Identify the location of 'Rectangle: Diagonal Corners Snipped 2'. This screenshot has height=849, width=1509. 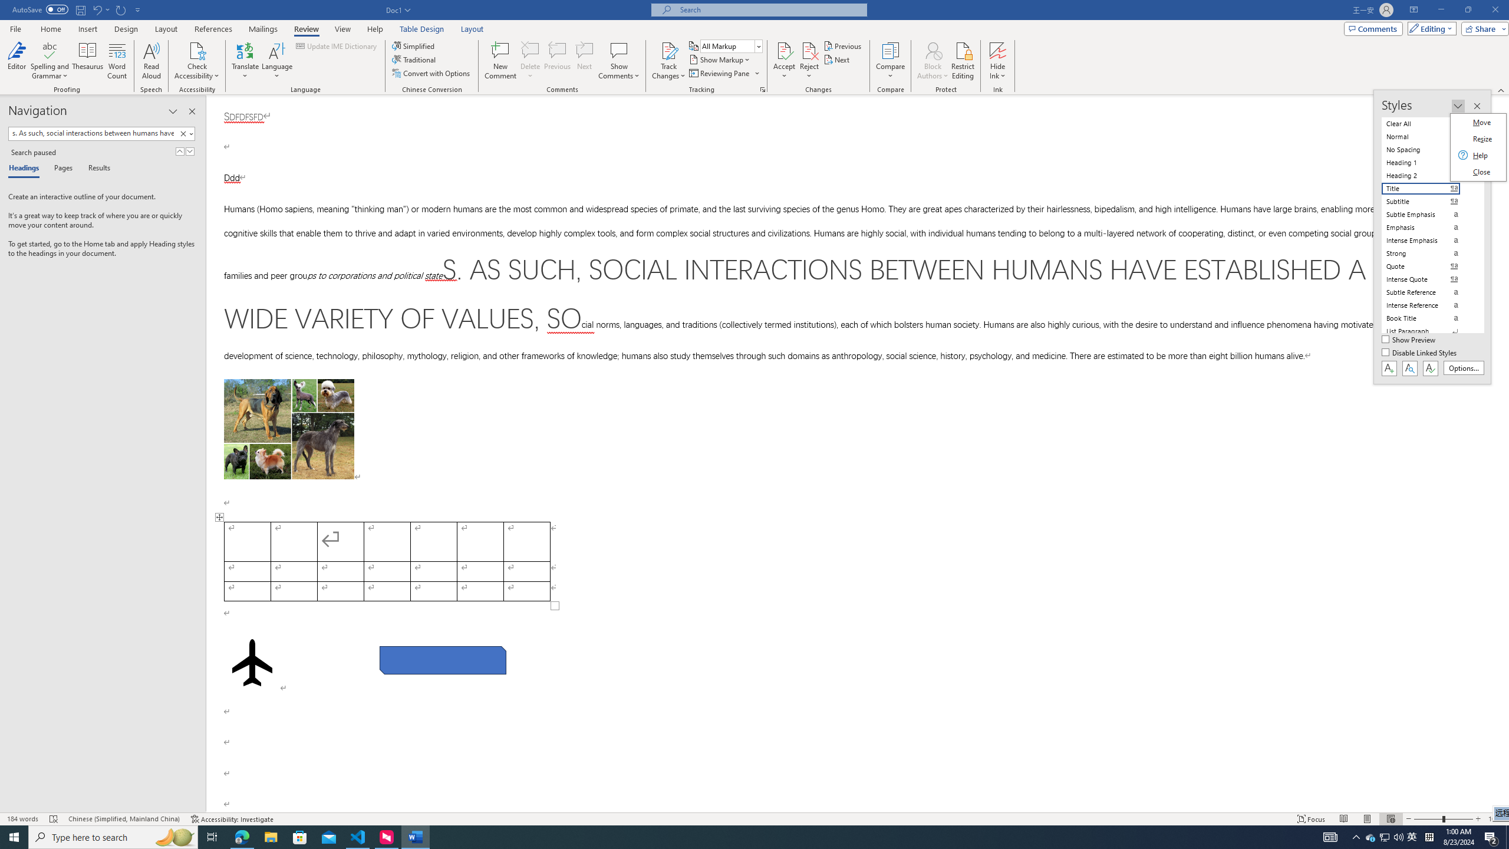
(443, 659).